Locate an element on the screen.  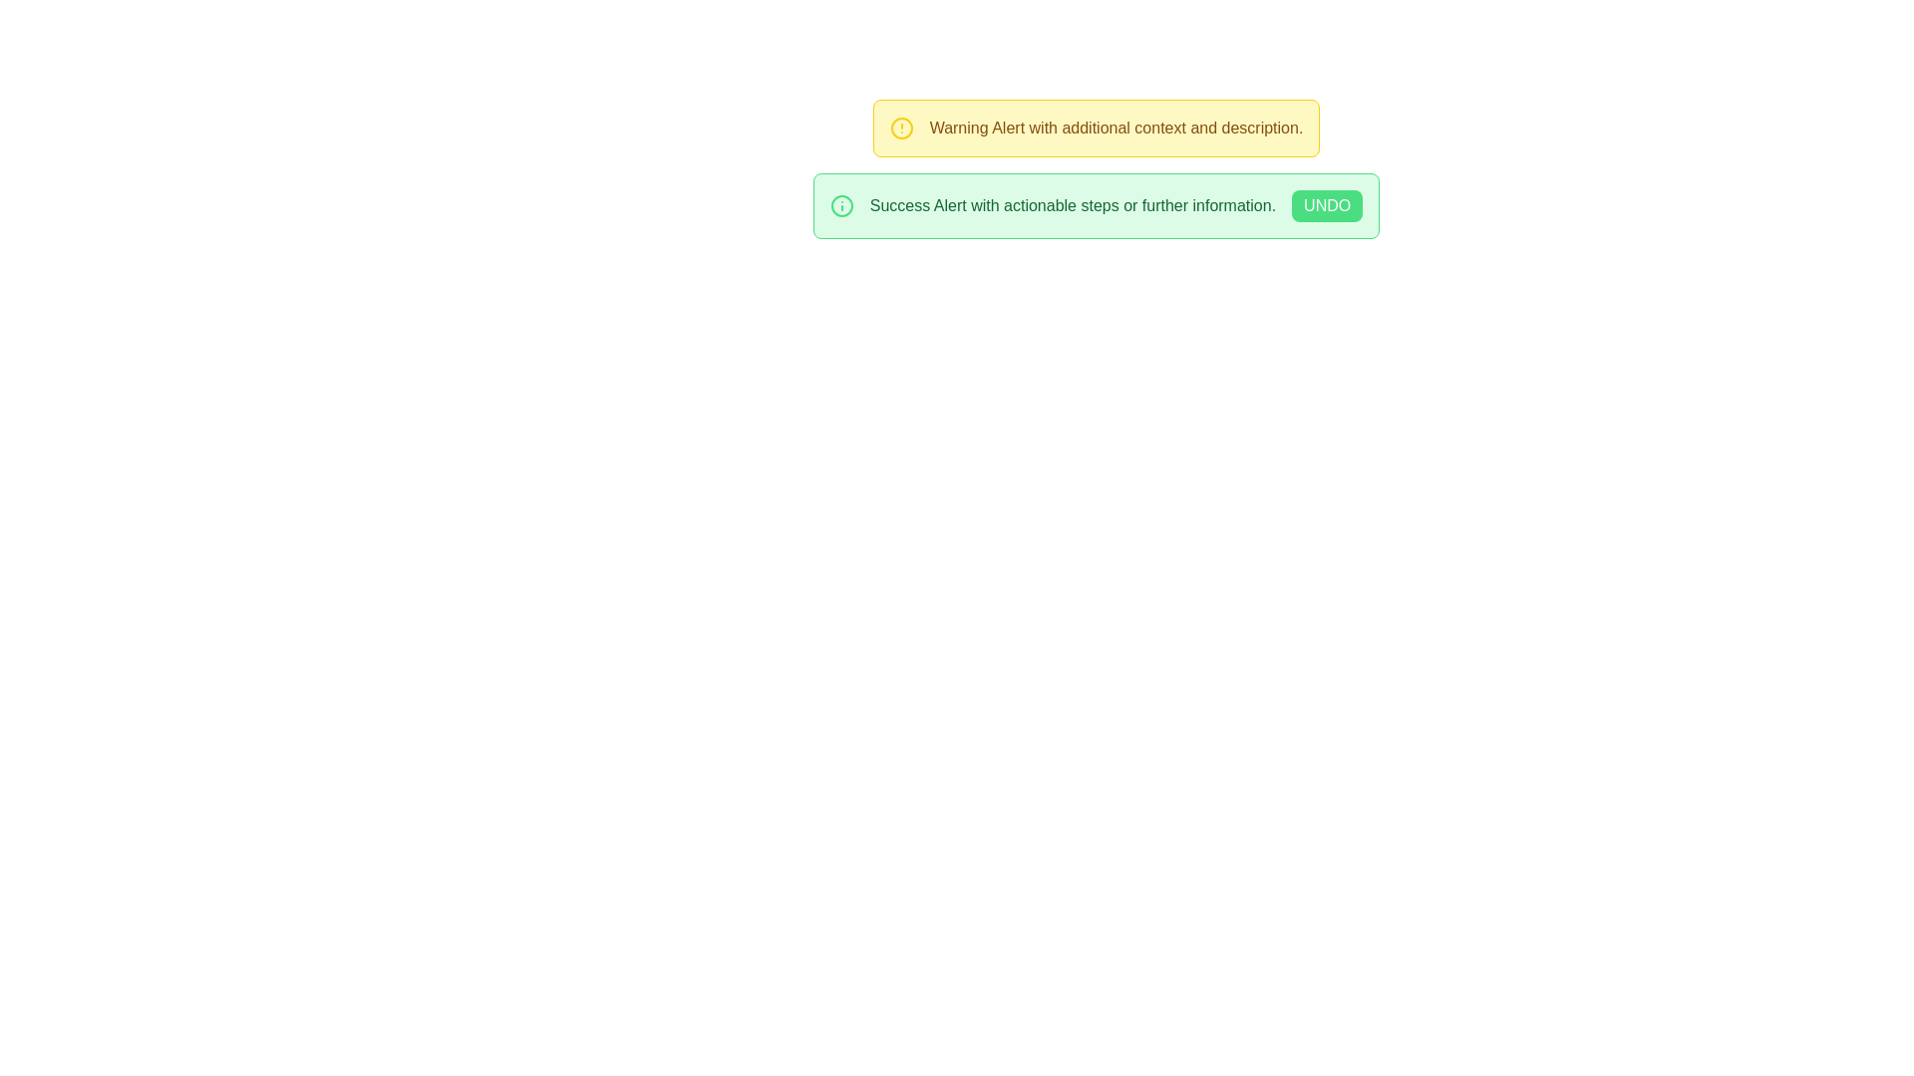
the circular alert icon with a yellow outline located in the yellow-bordered alert box on the left side of the text 'Warning Alert with additional context and description.' is located at coordinates (900, 128).